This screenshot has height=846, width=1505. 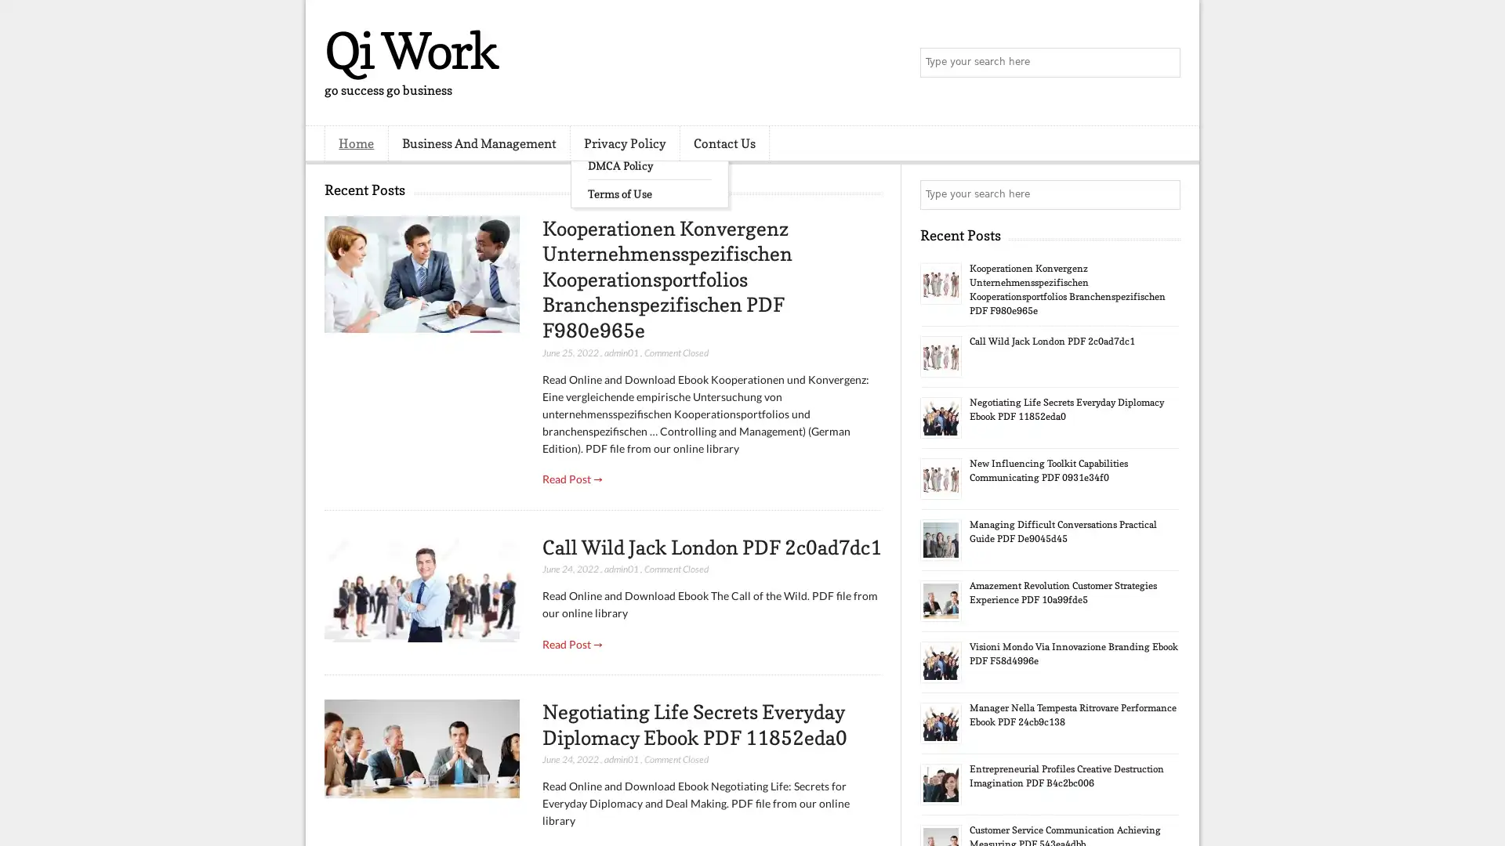 I want to click on Search, so click(x=1164, y=194).